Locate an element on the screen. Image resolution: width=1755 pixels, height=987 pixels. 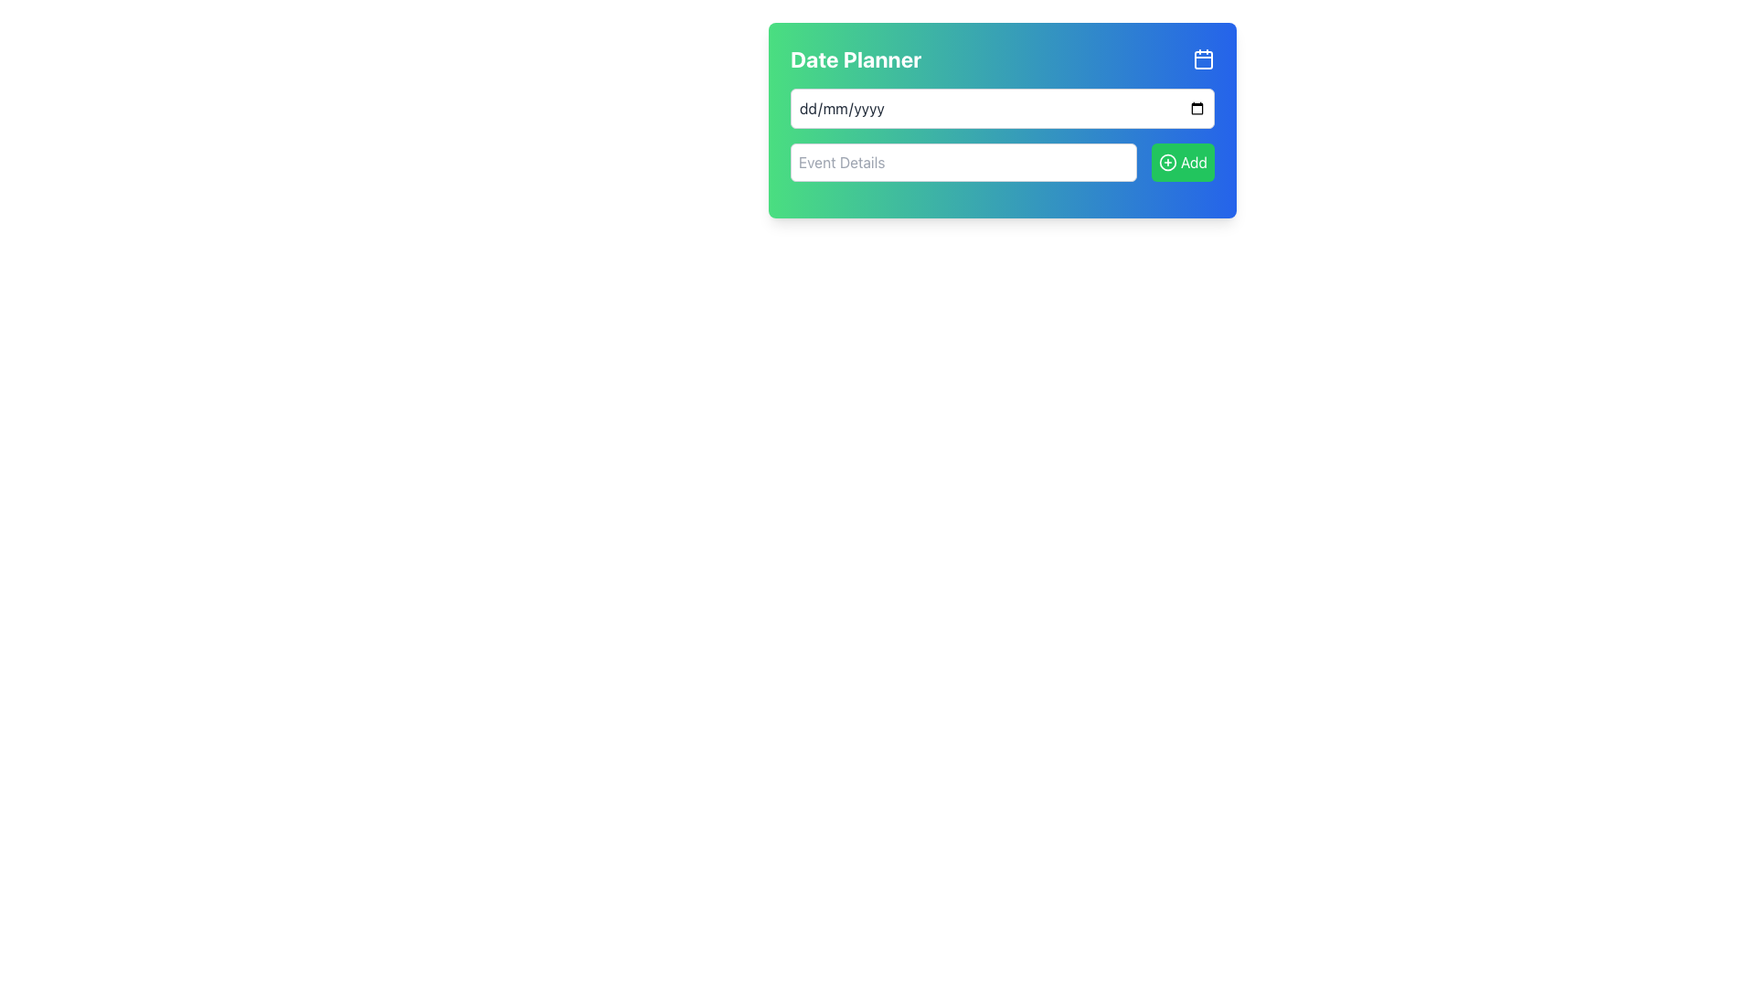
the blue calendar icon located in the top-right corner of the 'Date Planner' section is located at coordinates (1203, 58).